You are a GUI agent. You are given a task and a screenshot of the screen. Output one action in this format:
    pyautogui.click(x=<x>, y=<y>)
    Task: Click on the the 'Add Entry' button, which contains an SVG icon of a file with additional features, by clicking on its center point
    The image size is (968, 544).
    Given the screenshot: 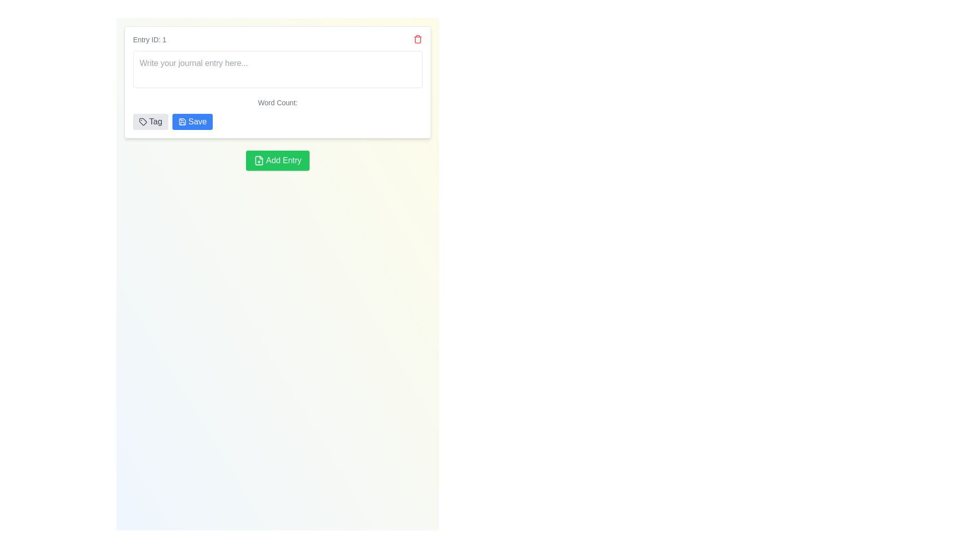 What is the action you would take?
    pyautogui.click(x=259, y=160)
    